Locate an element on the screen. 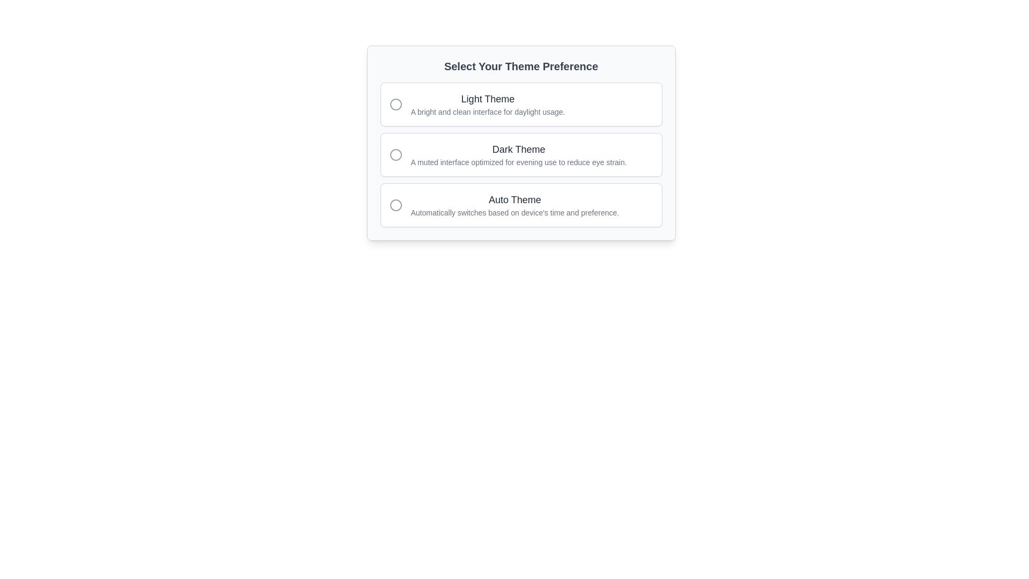 This screenshot has width=1029, height=579. the descriptive text caption that reads 'Automatically switches based on device's time and preference.', which is styled in gray and located beneath the 'Auto Theme' title in the theme preferences panel is located at coordinates (514, 213).